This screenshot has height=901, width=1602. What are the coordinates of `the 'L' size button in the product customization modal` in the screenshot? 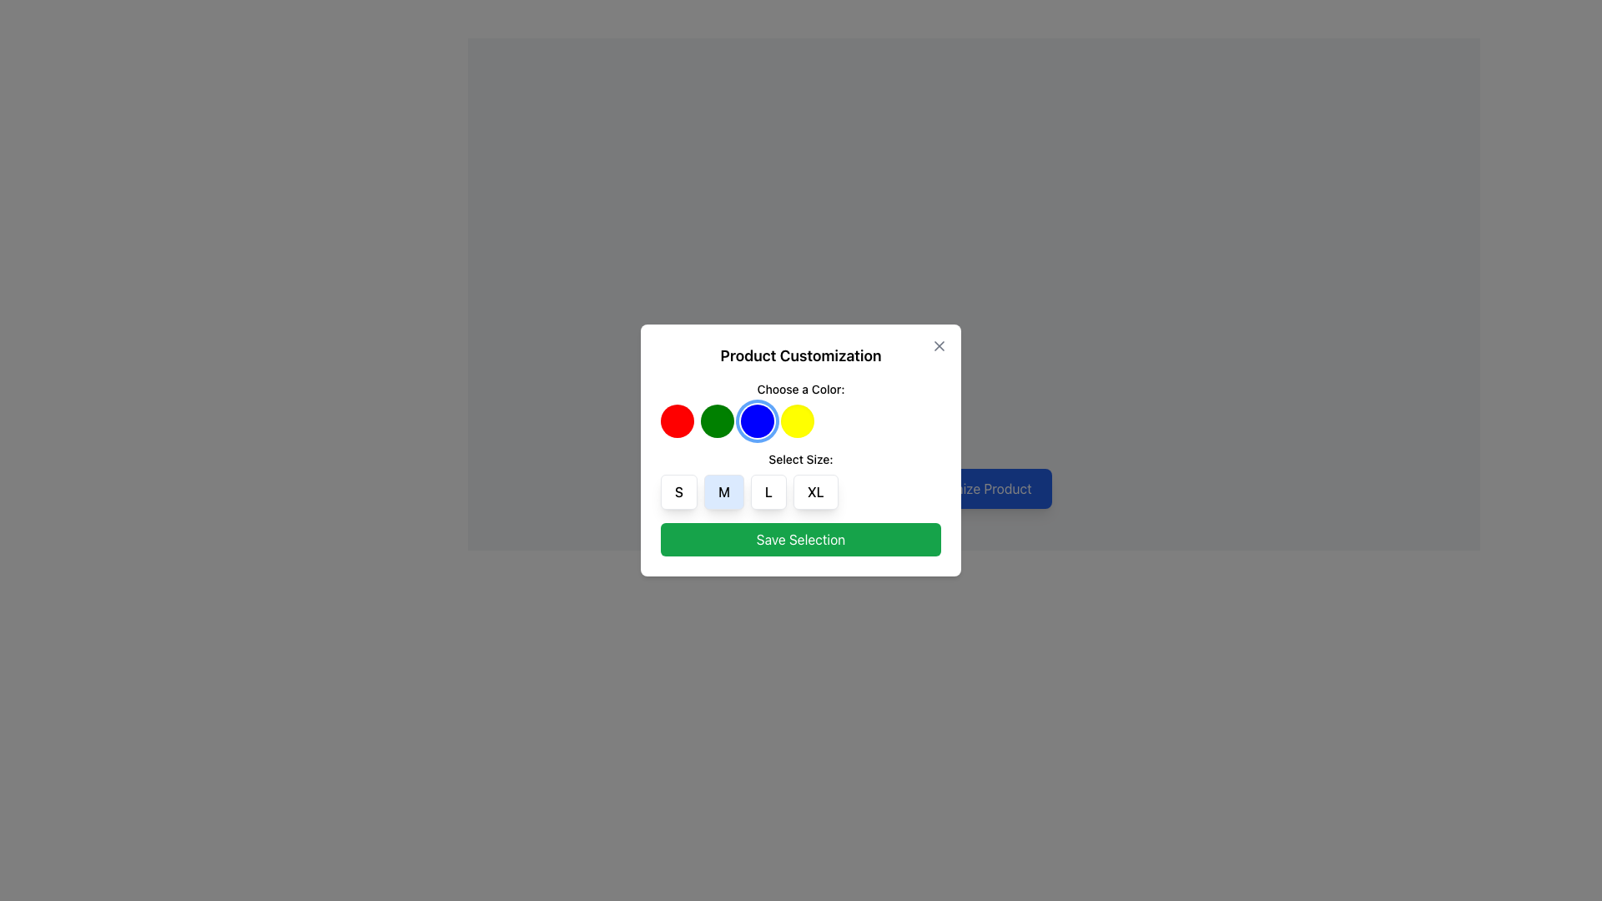 It's located at (768, 491).